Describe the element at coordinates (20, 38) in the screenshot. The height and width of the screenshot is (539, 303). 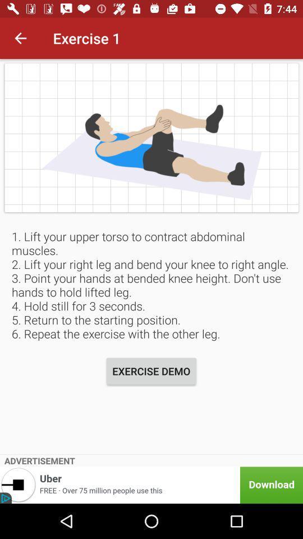
I see `app to the left of exercise 1 item` at that location.